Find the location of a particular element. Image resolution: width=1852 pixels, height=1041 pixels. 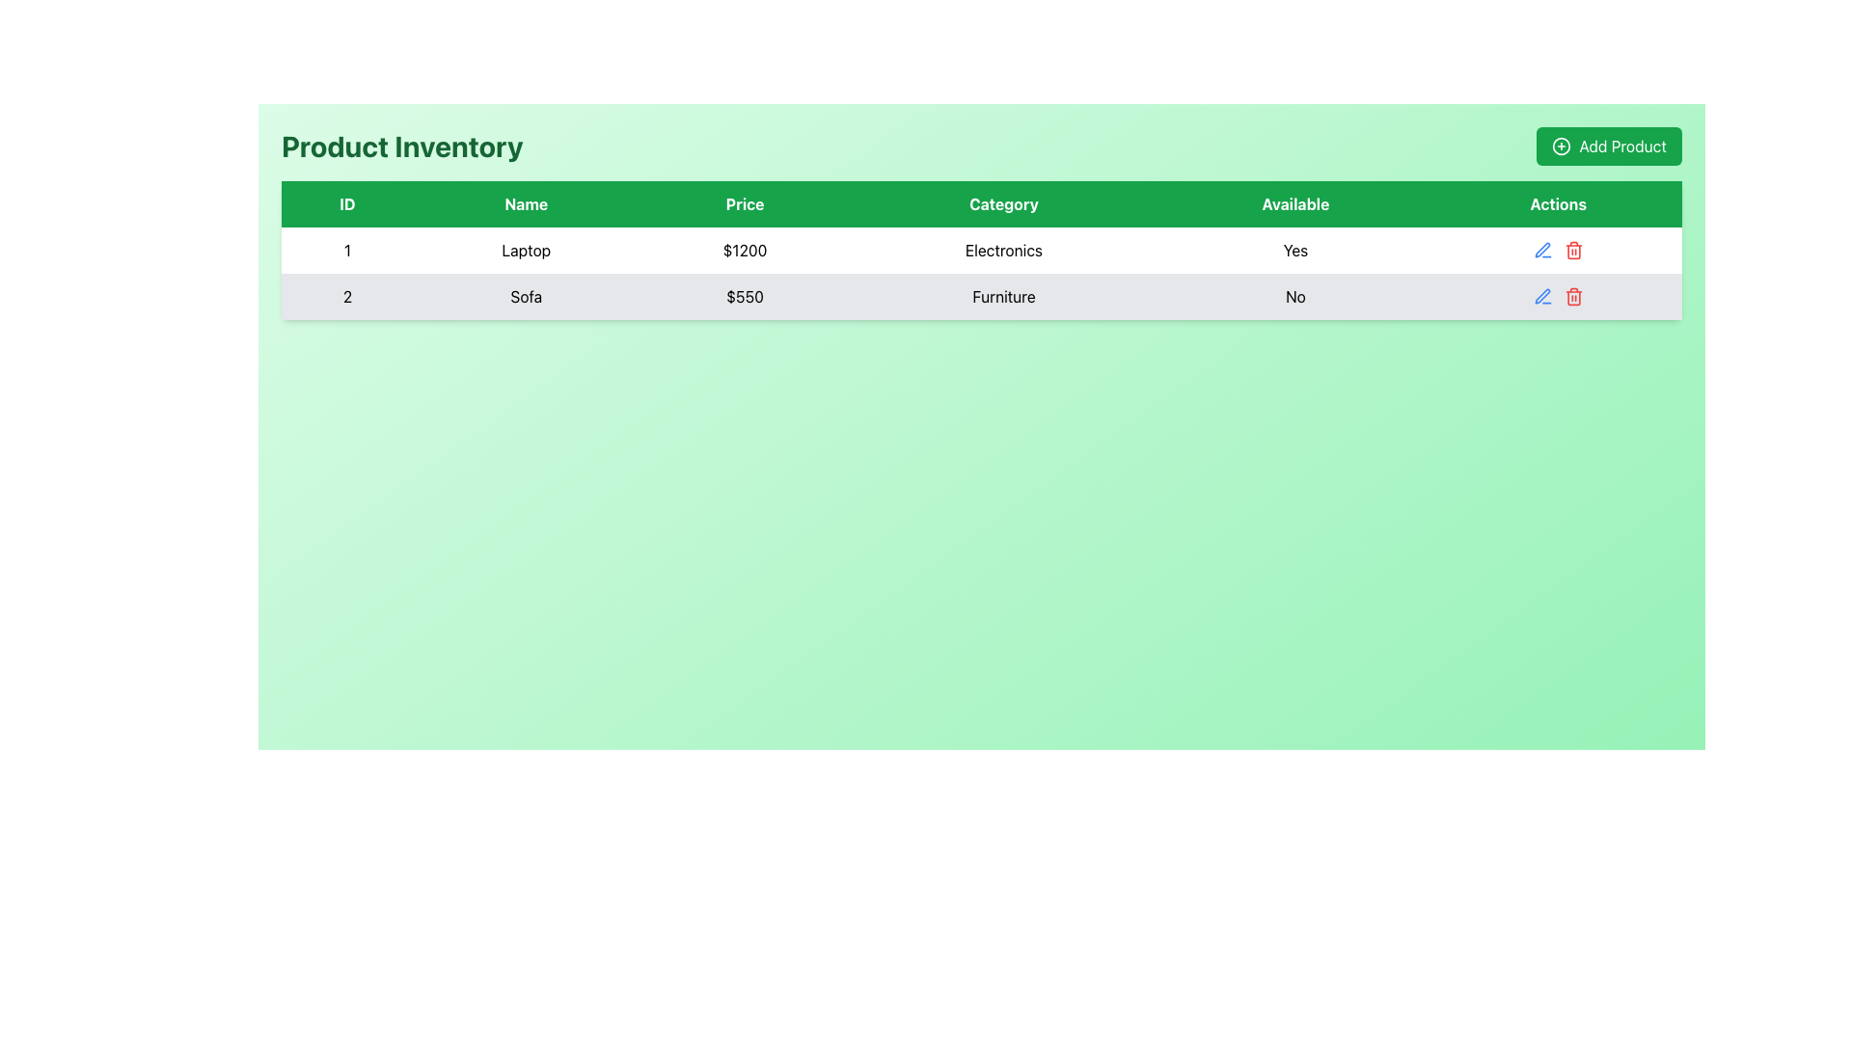

the delete icon styled in red located in the last cell of the 'Actions' column in the second row of the table is located at coordinates (1558, 297).